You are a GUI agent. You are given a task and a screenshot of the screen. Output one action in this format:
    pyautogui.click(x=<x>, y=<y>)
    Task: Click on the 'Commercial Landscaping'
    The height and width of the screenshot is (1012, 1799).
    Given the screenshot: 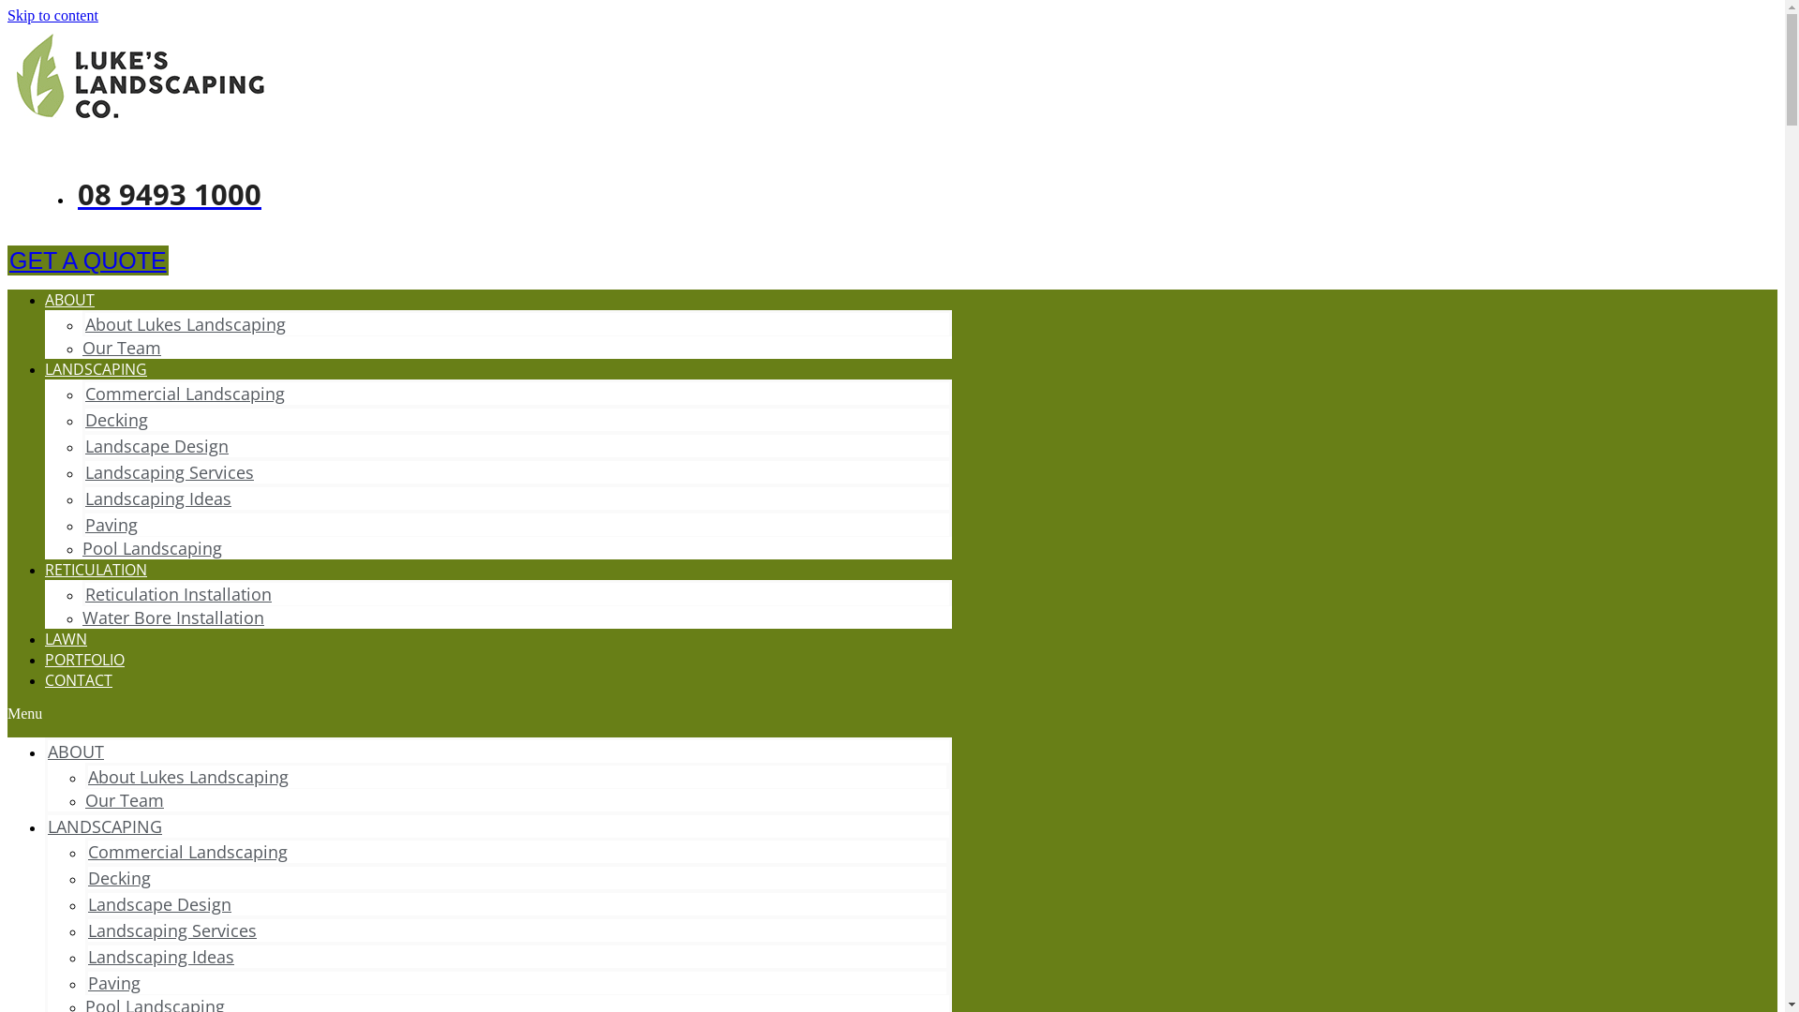 What is the action you would take?
    pyautogui.click(x=84, y=393)
    